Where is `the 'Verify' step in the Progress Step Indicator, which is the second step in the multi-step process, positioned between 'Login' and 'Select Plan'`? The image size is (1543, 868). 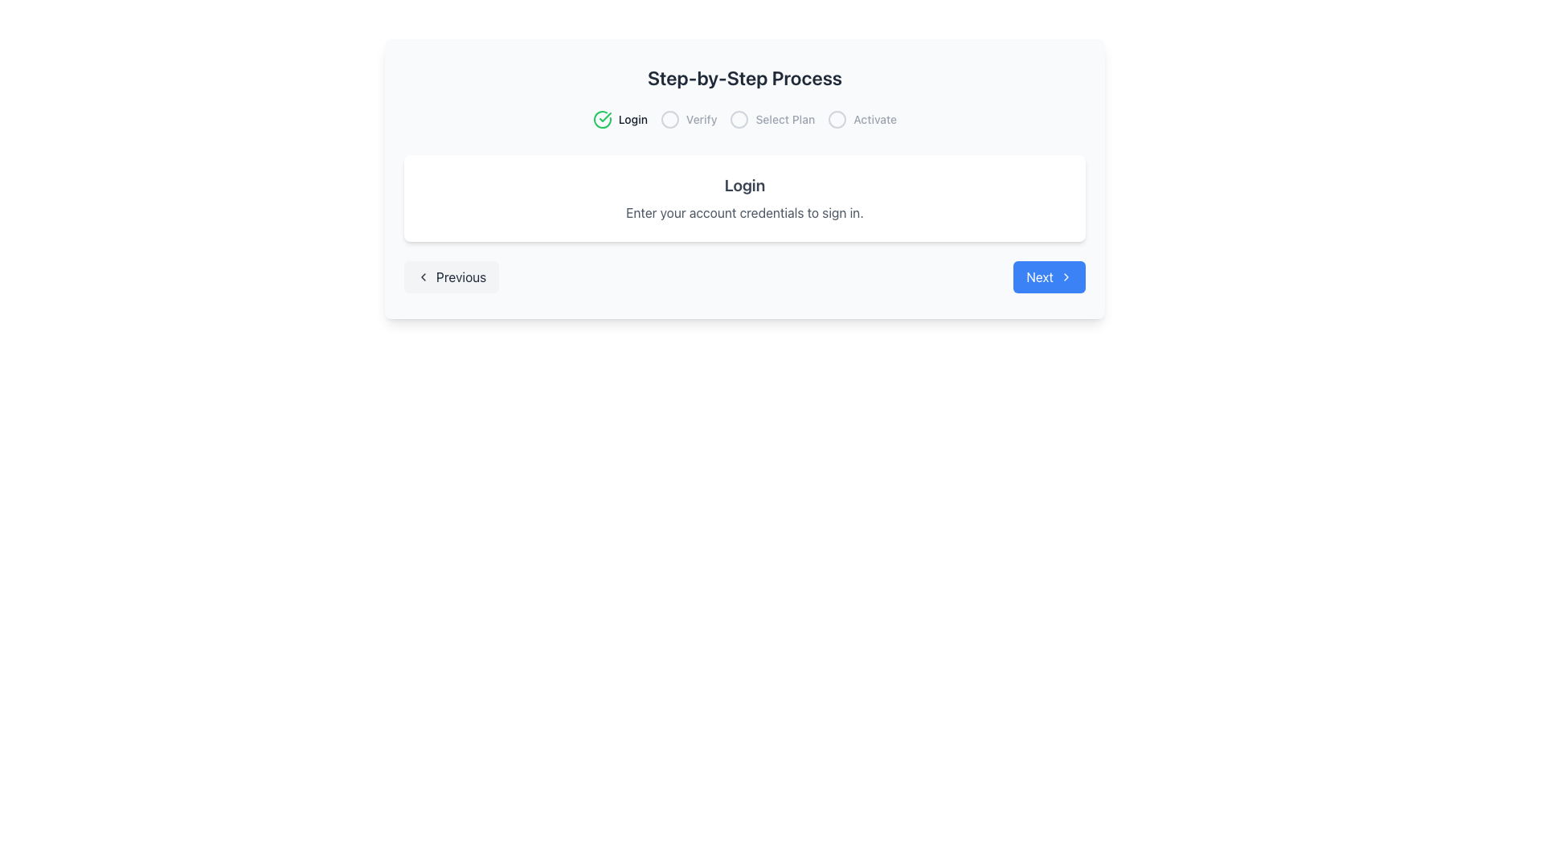 the 'Verify' step in the Progress Step Indicator, which is the second step in the multi-step process, positioned between 'Login' and 'Select Plan' is located at coordinates (689, 119).